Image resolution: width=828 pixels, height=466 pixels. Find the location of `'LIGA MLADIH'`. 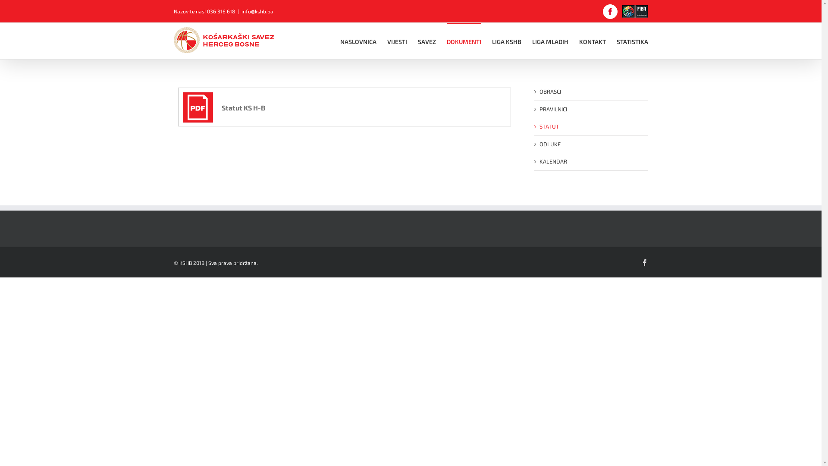

'LIGA MLADIH' is located at coordinates (550, 41).